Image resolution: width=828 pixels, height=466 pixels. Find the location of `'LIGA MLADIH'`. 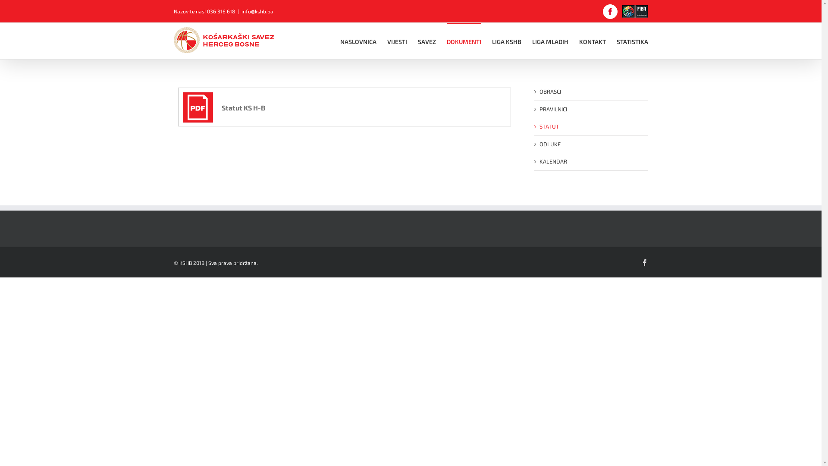

'LIGA MLADIH' is located at coordinates (550, 41).